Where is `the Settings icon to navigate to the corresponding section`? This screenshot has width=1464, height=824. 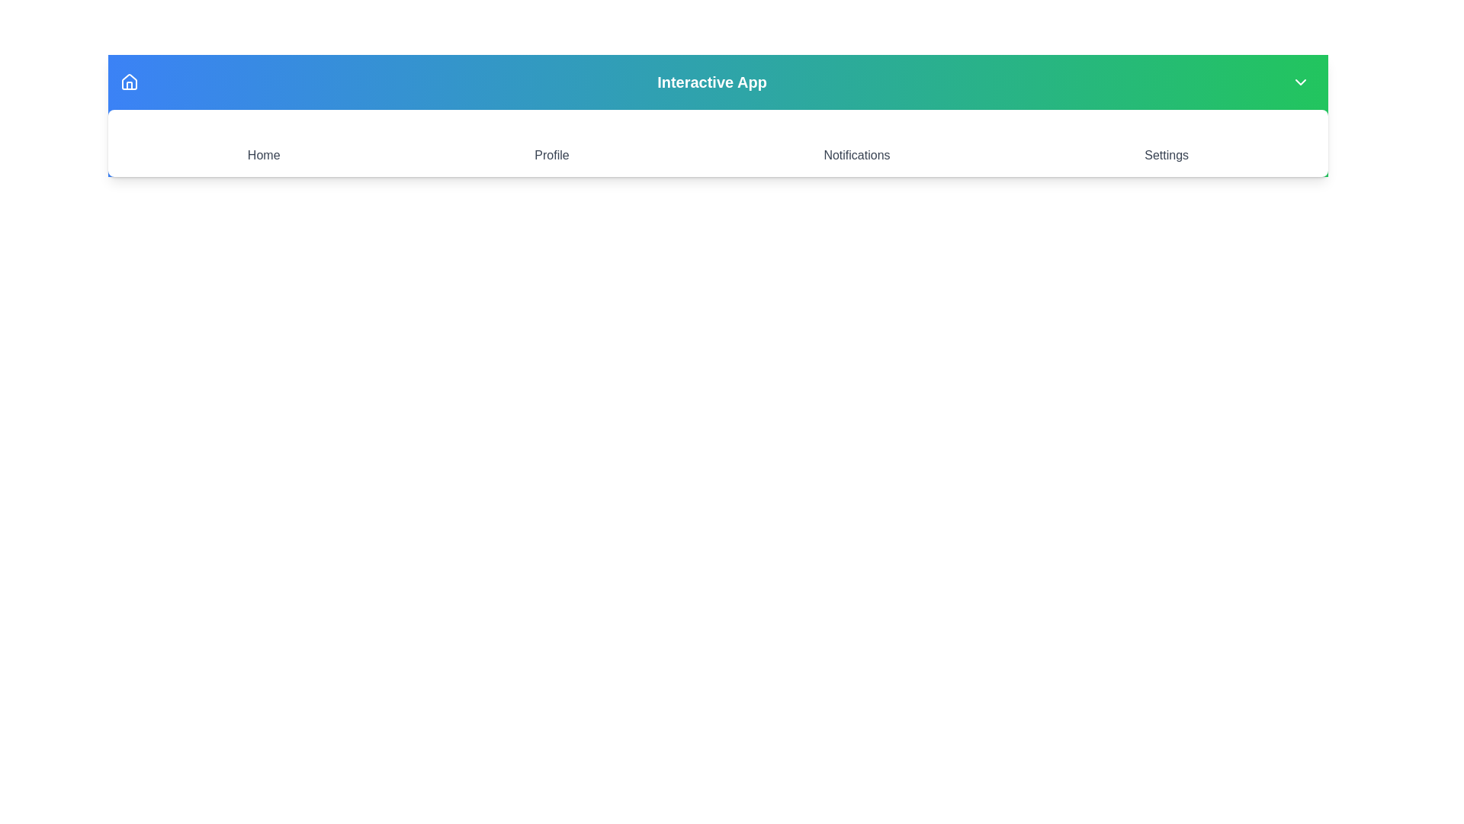
the Settings icon to navigate to the corresponding section is located at coordinates (1166, 143).